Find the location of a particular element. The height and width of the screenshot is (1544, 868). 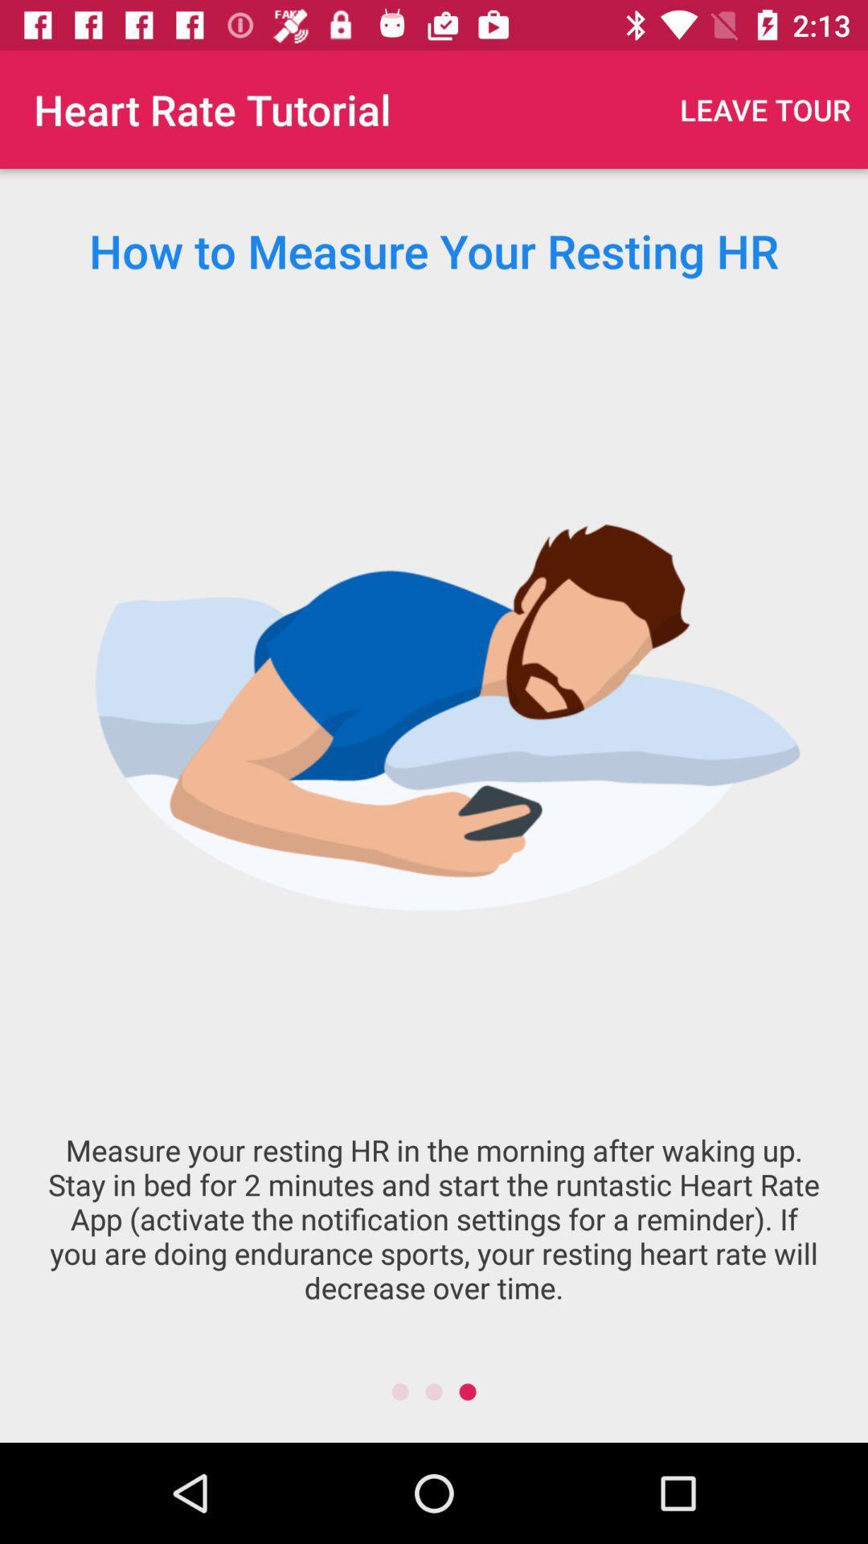

the item at the top right corner is located at coordinates (764, 109).